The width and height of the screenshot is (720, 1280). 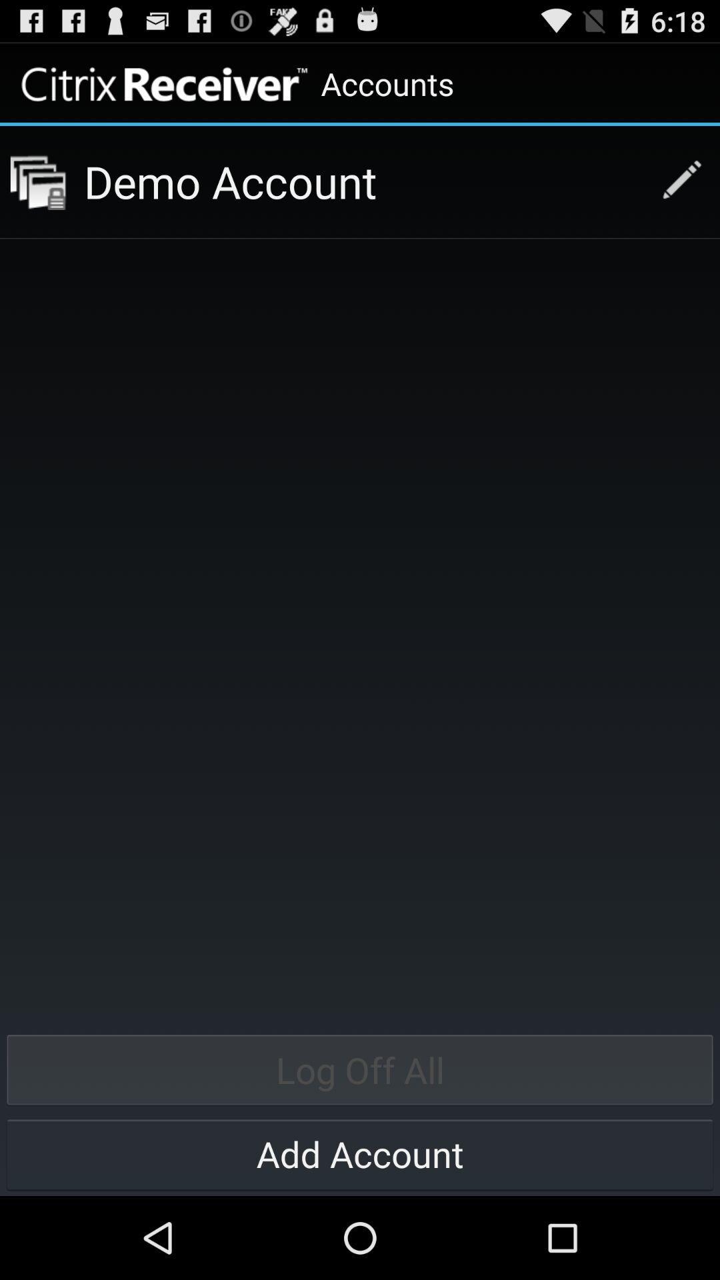 What do you see at coordinates (37, 181) in the screenshot?
I see `item to the left of demo account item` at bounding box center [37, 181].